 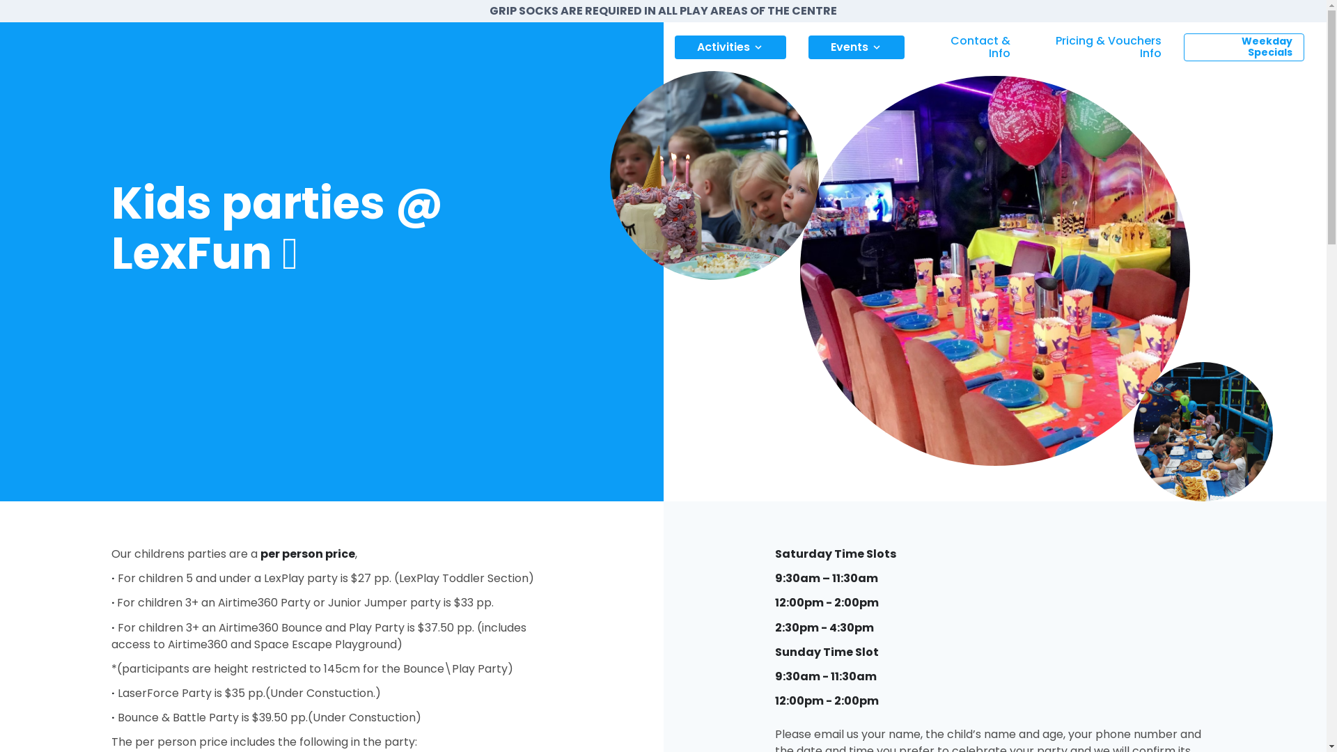 What do you see at coordinates (1244, 47) in the screenshot?
I see `'Weekday Specials'` at bounding box center [1244, 47].